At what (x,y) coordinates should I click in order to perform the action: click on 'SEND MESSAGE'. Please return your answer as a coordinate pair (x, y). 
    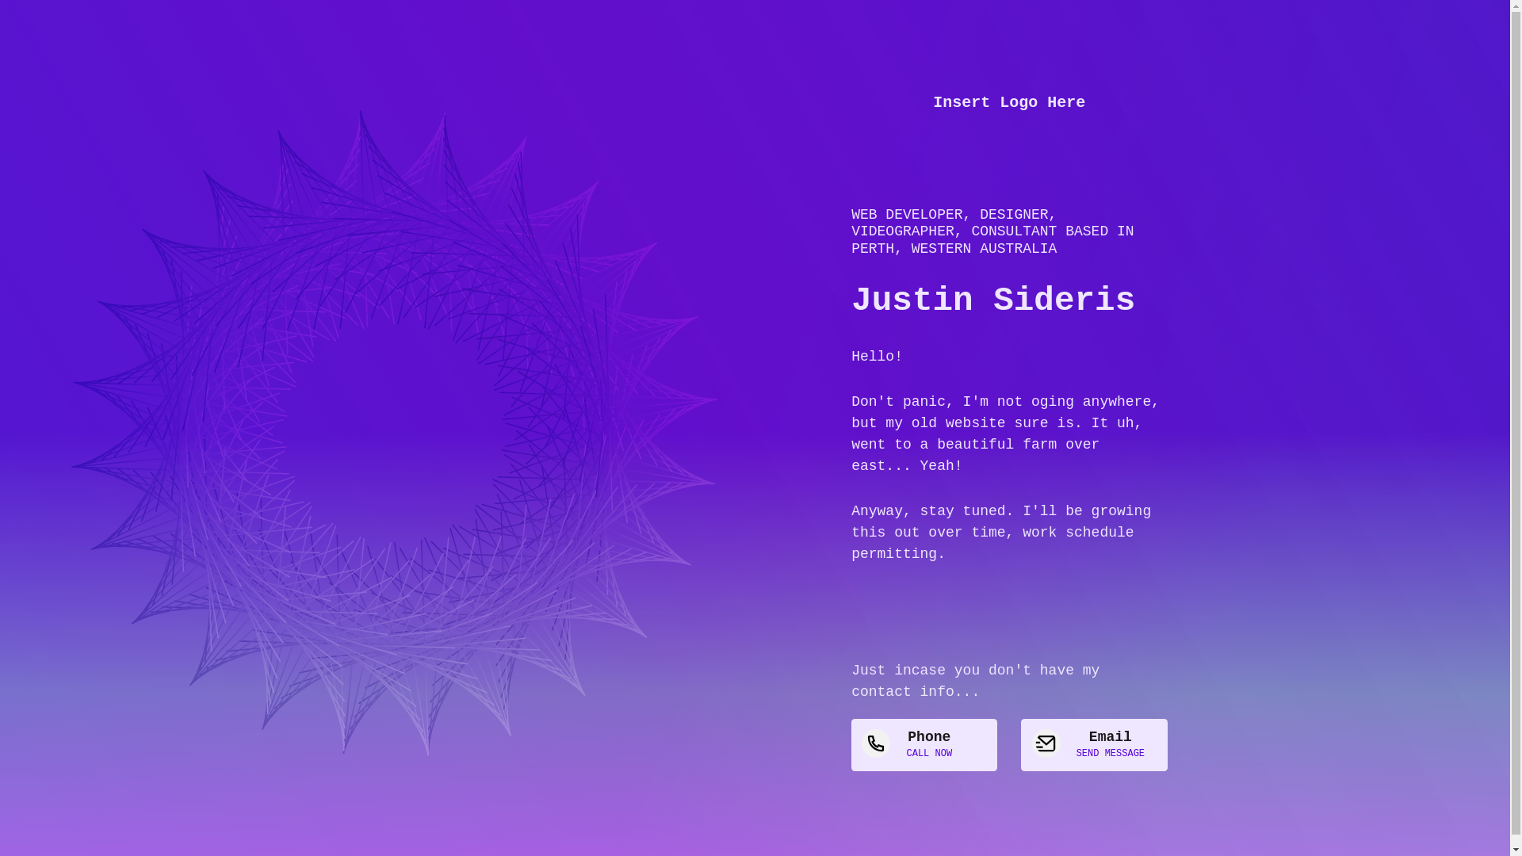
    Looking at the image, I should click on (1076, 753).